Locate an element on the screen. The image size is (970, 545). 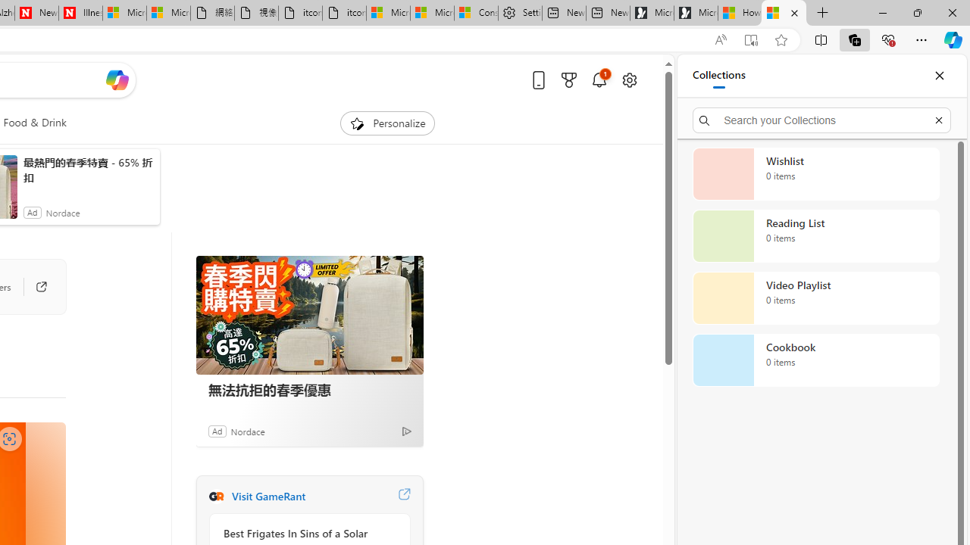
'Notifications' is located at coordinates (599, 79).